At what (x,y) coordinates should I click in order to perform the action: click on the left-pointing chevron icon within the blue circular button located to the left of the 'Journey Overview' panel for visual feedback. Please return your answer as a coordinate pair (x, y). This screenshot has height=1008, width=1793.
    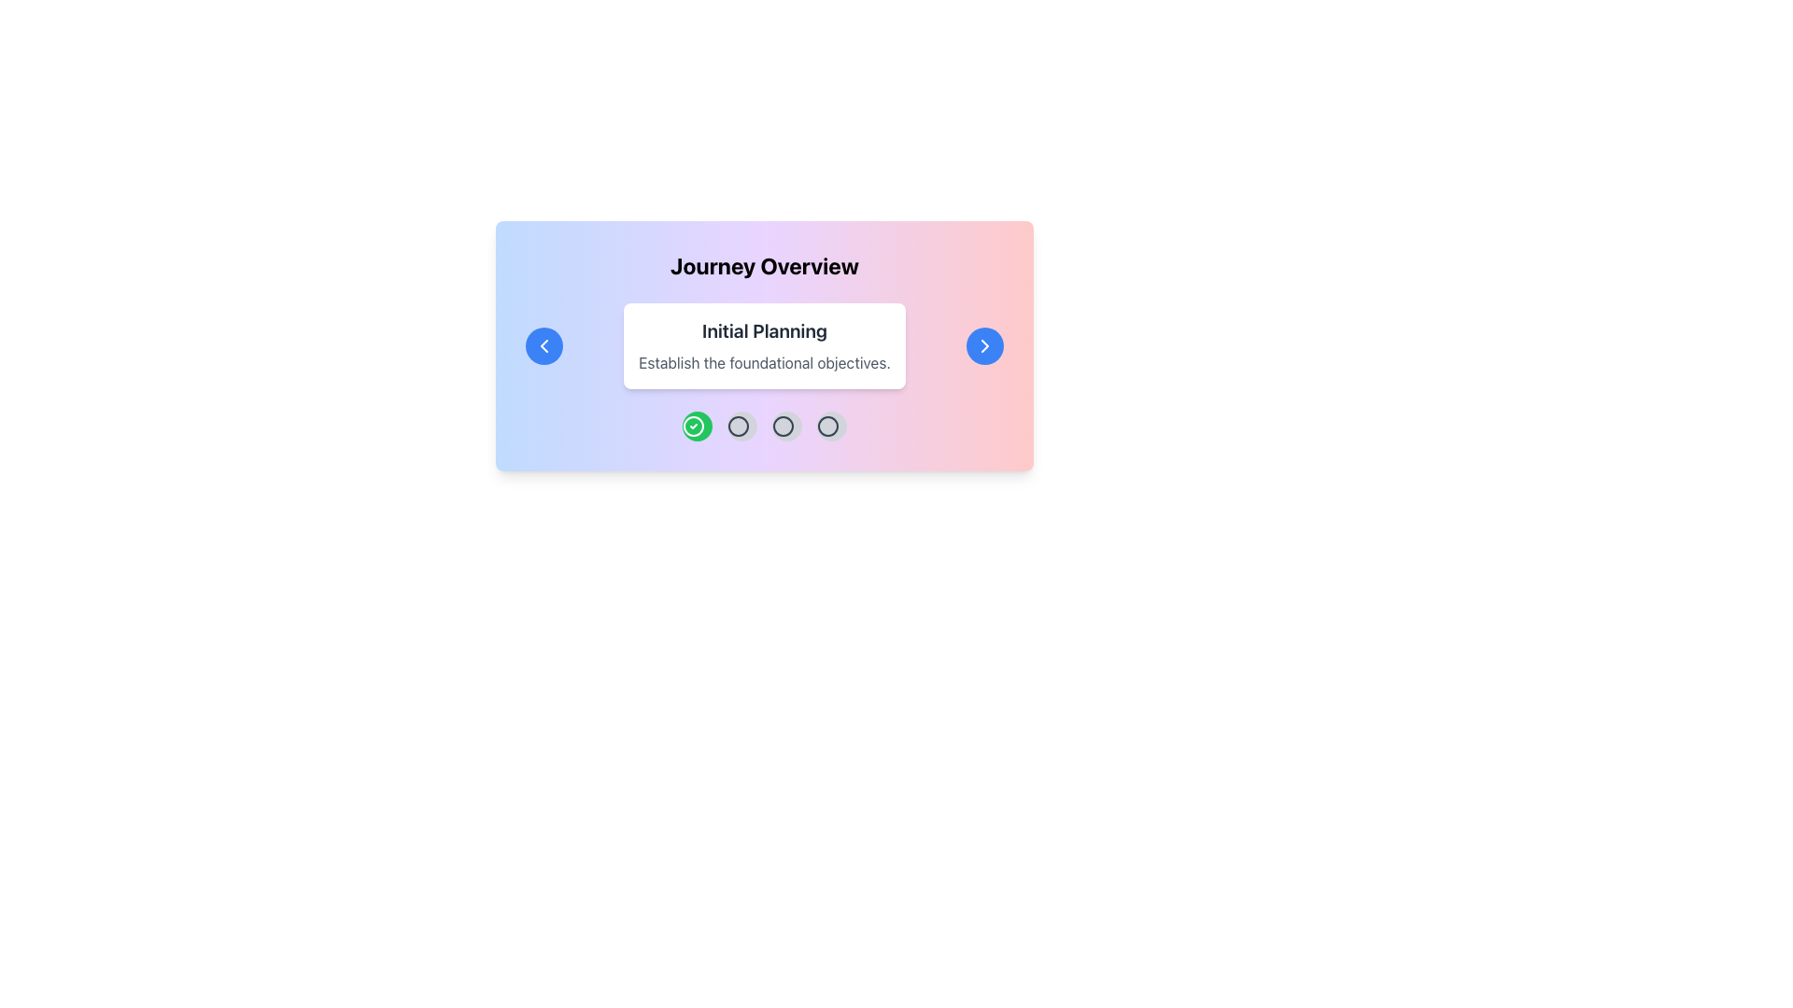
    Looking at the image, I should click on (543, 345).